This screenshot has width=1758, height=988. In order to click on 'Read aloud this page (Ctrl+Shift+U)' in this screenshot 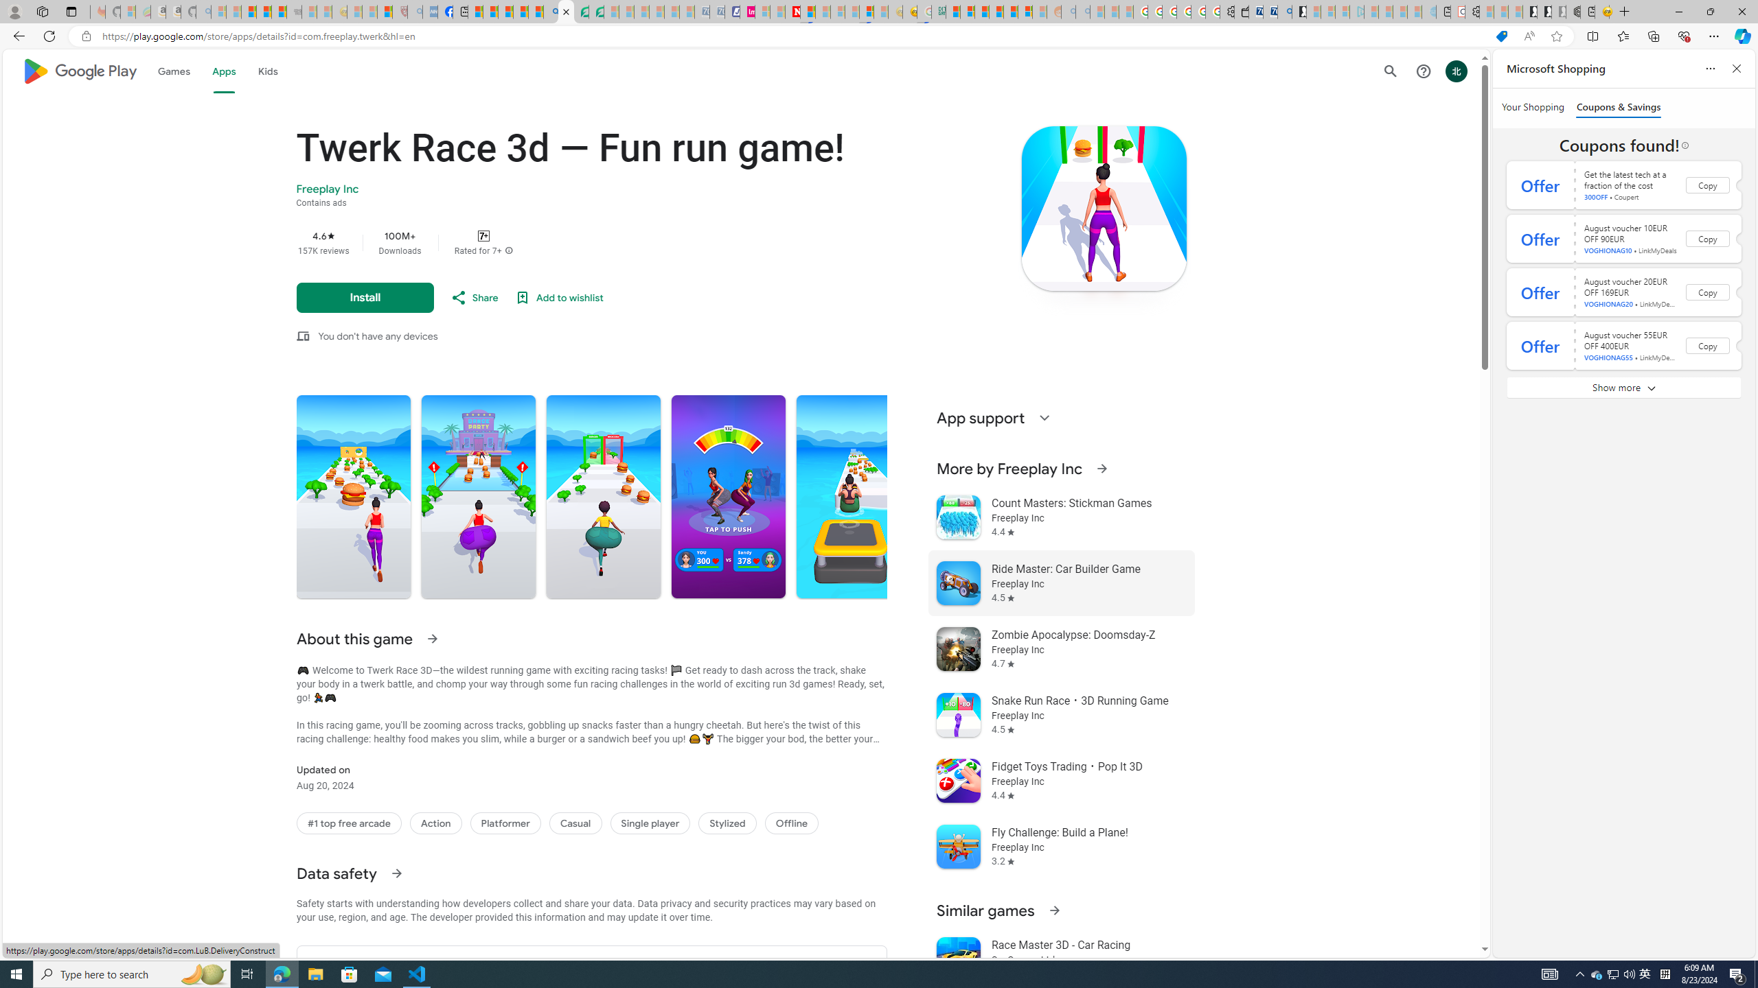, I will do `click(1529, 36)`.